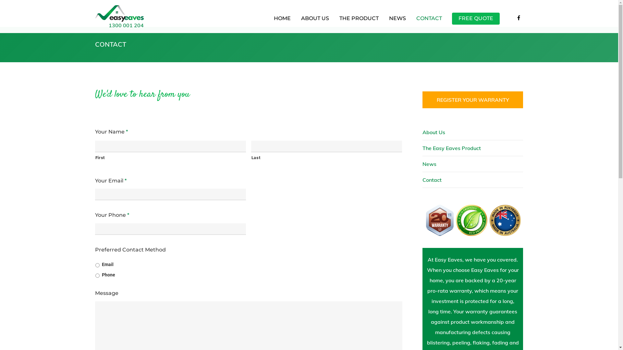  What do you see at coordinates (473, 132) in the screenshot?
I see `'About Us'` at bounding box center [473, 132].